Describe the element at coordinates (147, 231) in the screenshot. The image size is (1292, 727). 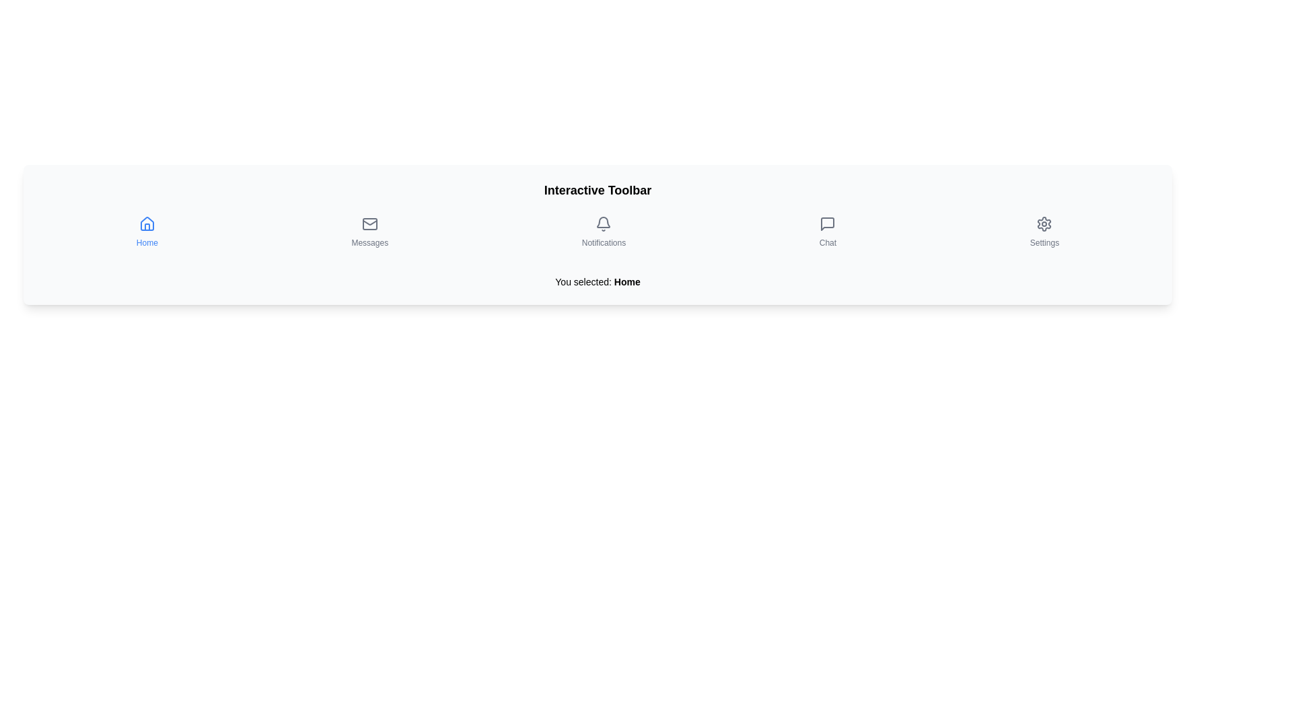
I see `the leftmost navigation button that leads to the home page to change its background color` at that location.